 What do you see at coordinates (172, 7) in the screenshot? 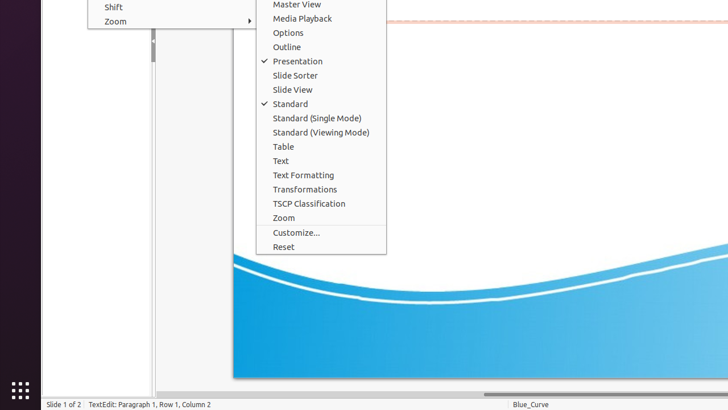
I see `'Shift'` at bounding box center [172, 7].